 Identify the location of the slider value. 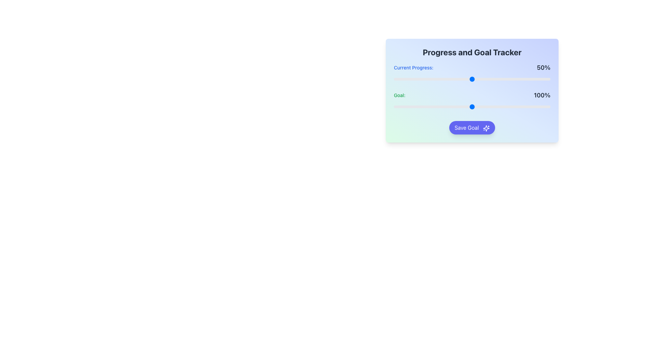
(444, 106).